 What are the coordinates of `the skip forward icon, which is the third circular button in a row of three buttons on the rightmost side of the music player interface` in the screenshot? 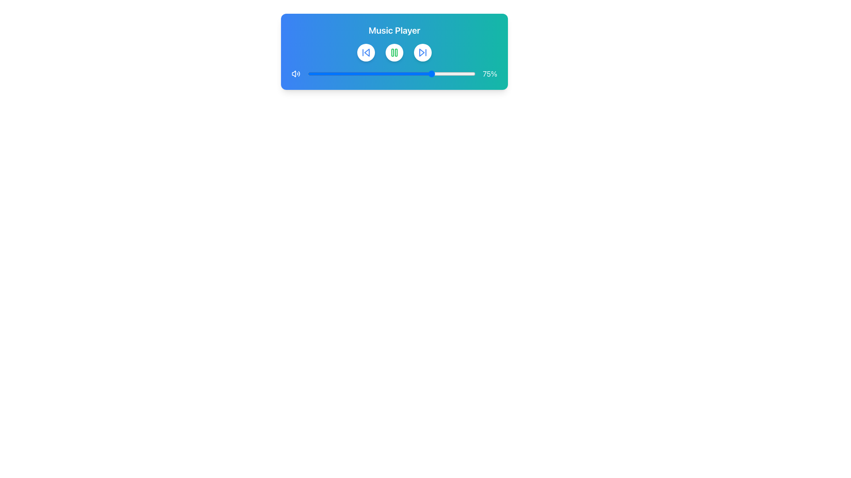 It's located at (422, 53).